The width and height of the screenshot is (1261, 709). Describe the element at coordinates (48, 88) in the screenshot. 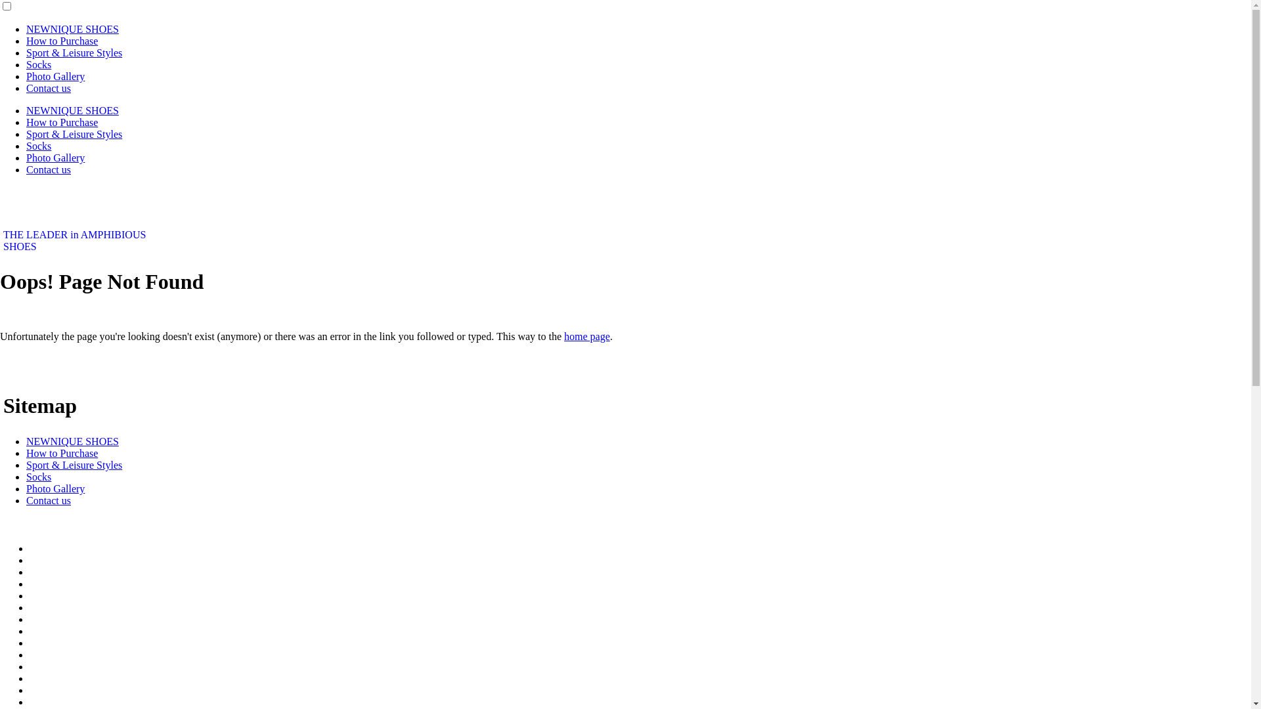

I see `'Contact us'` at that location.